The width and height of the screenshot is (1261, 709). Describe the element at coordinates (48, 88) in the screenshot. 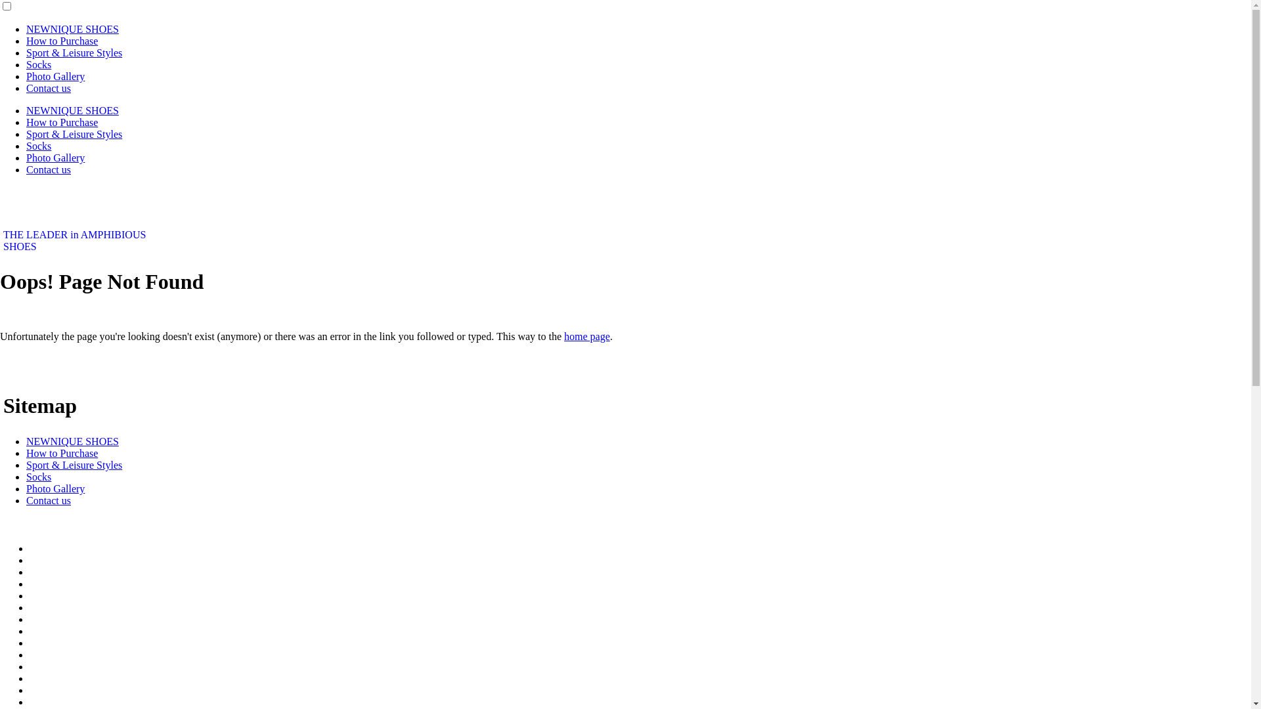

I see `'Contact us'` at that location.